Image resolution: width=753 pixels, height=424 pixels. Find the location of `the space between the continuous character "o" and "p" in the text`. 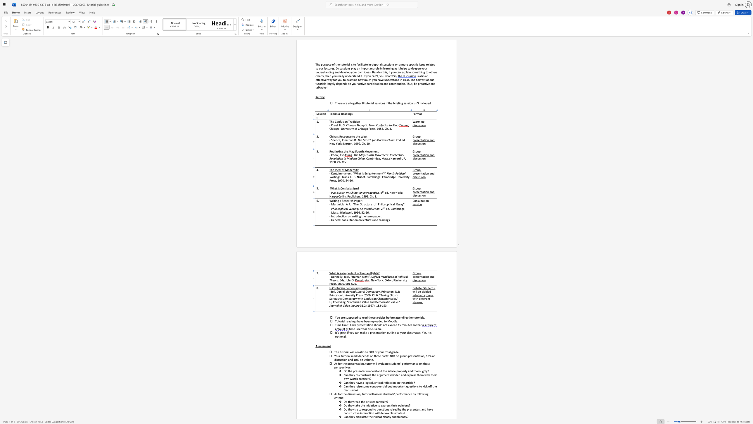

the space between the continuous character "o" and "p" in the text is located at coordinates (399, 405).